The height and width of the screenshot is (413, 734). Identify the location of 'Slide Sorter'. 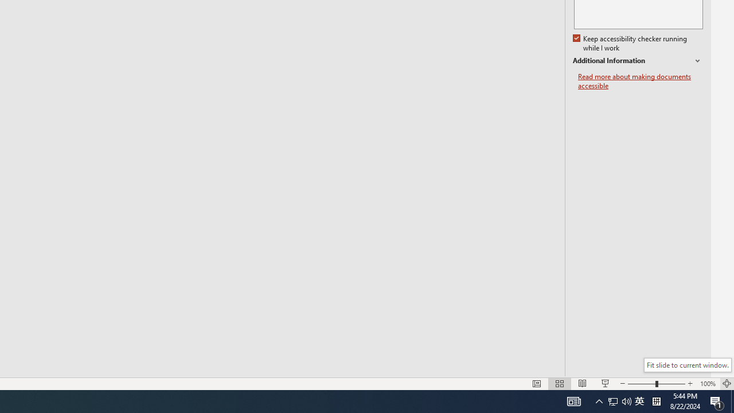
(560, 384).